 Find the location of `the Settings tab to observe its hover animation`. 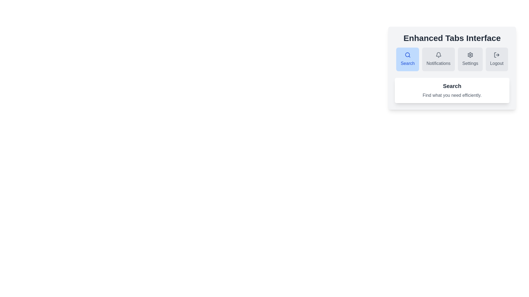

the Settings tab to observe its hover animation is located at coordinates (470, 59).